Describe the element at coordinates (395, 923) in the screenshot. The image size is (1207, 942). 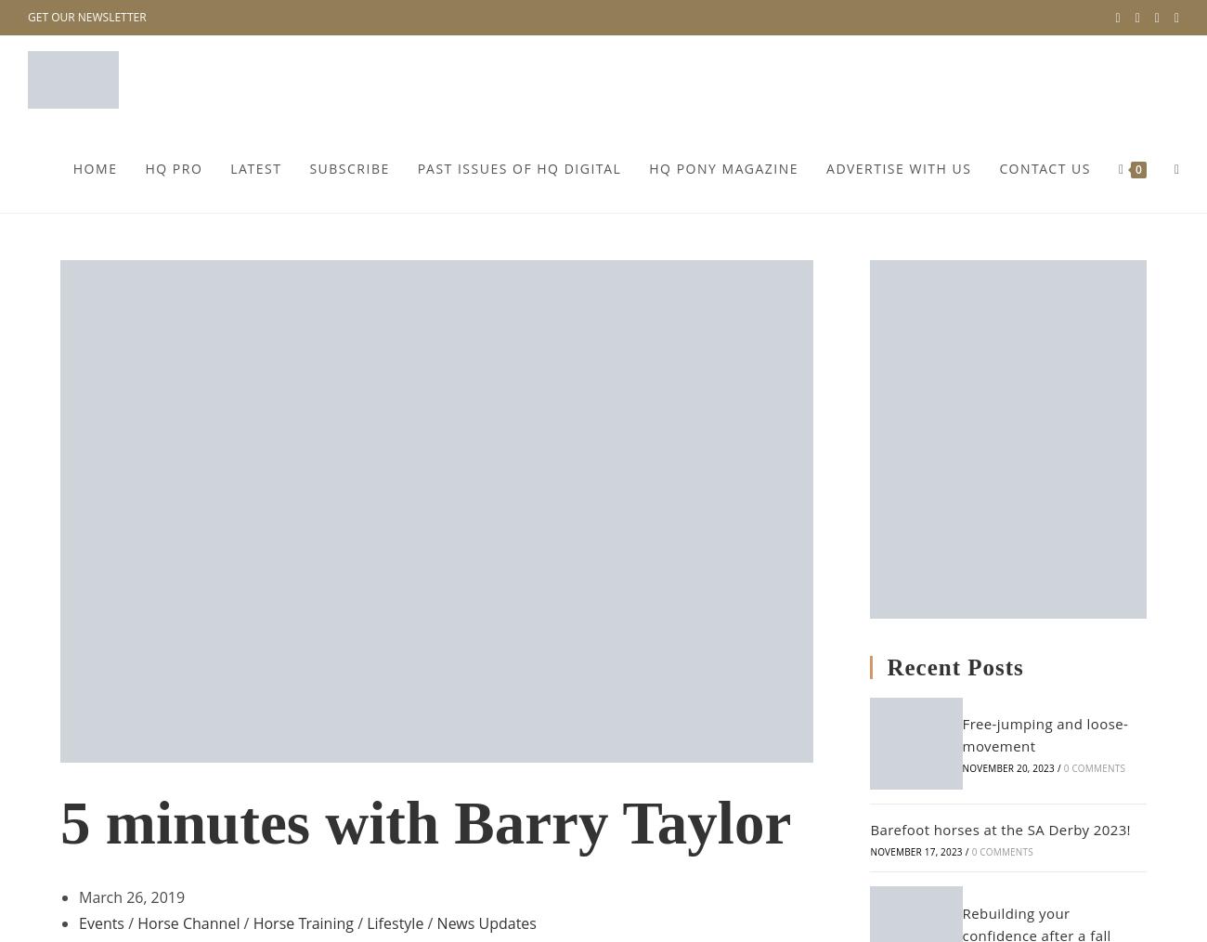
I see `'Lifestyle'` at that location.